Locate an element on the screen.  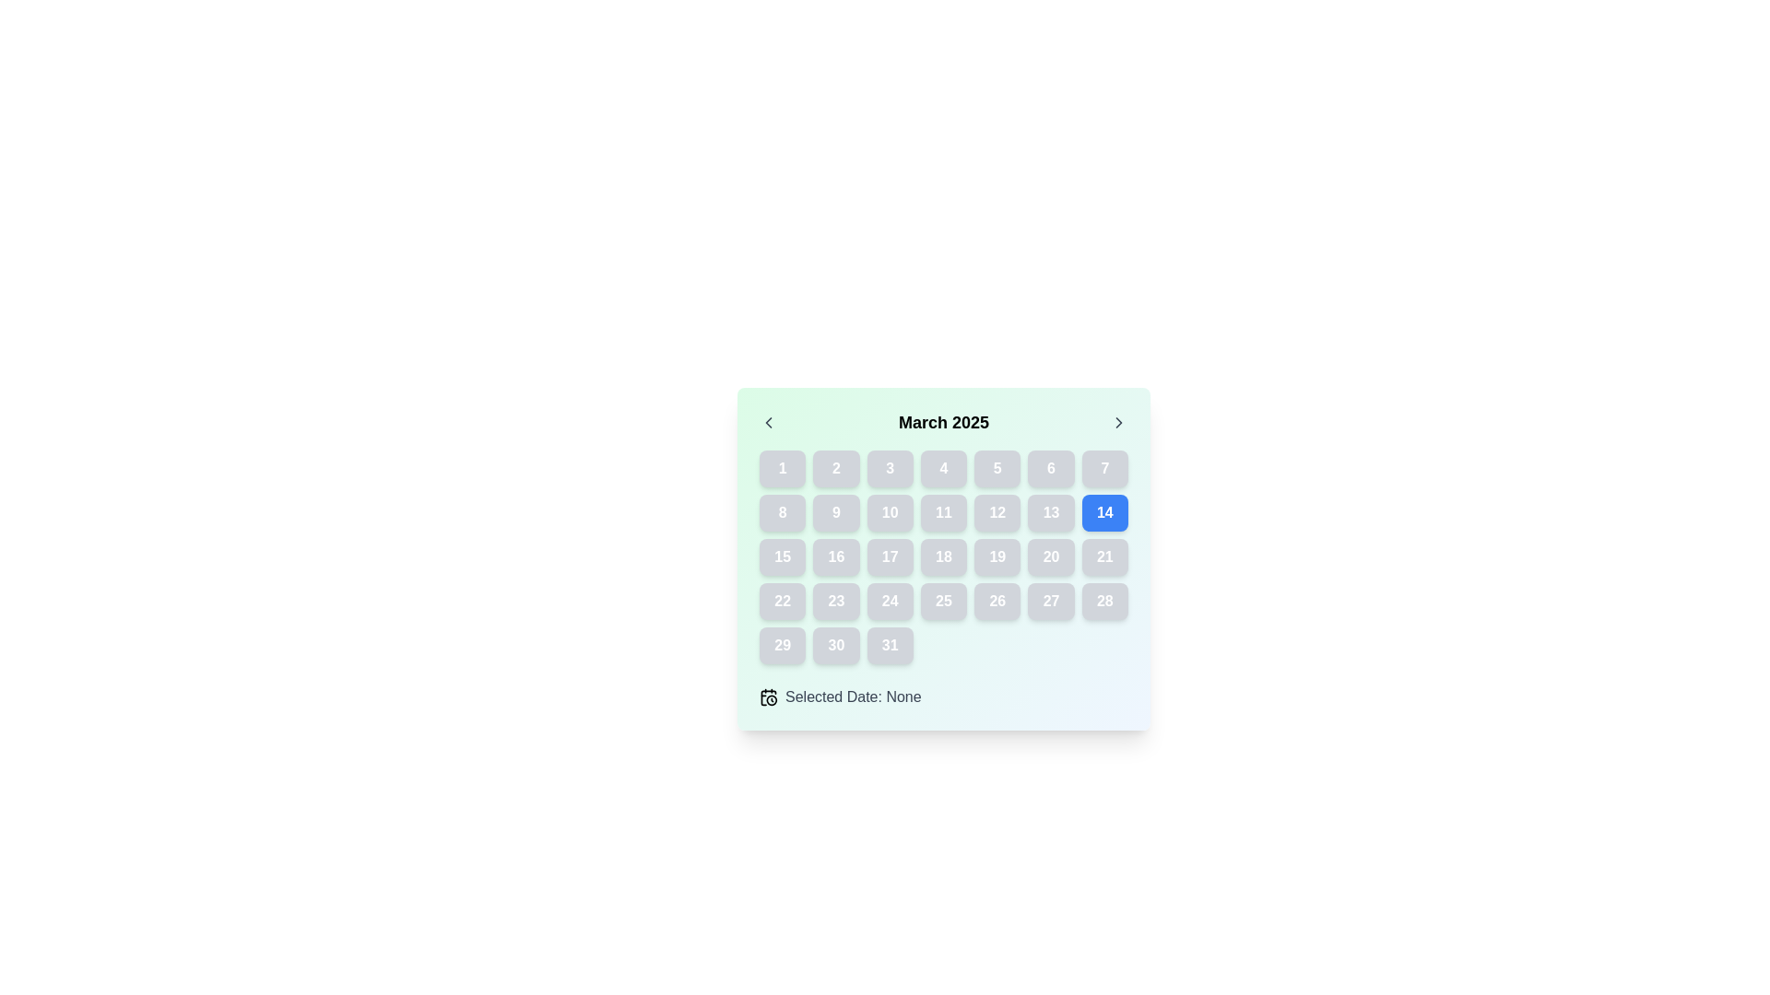
the calendar day box displaying the number '8', which is styled as a square with rounded corners and changes to a blue background when hovered over is located at coordinates (783, 512).